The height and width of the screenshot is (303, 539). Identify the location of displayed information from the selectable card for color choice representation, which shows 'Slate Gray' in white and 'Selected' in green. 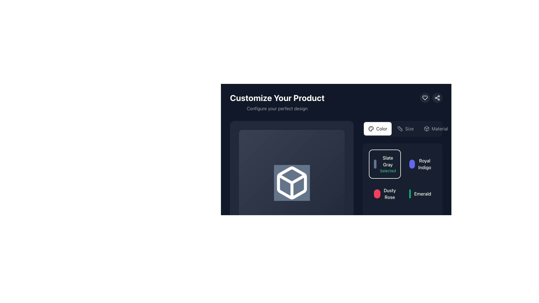
(385, 164).